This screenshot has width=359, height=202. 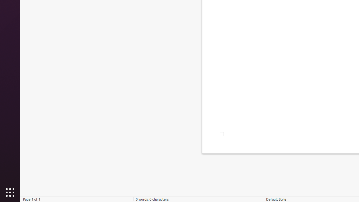 I want to click on 'Show Applications', so click(x=10, y=192).